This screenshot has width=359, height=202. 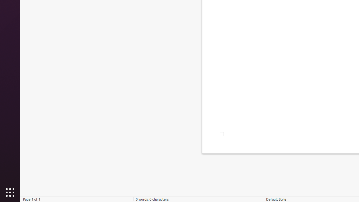 I want to click on 'Show Applications', so click(x=10, y=192).